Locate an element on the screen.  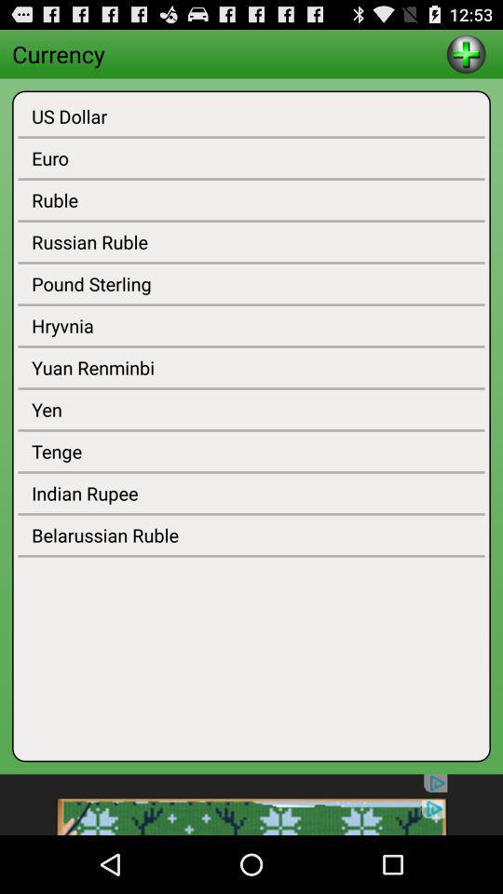
advertisement details is located at coordinates (251, 804).